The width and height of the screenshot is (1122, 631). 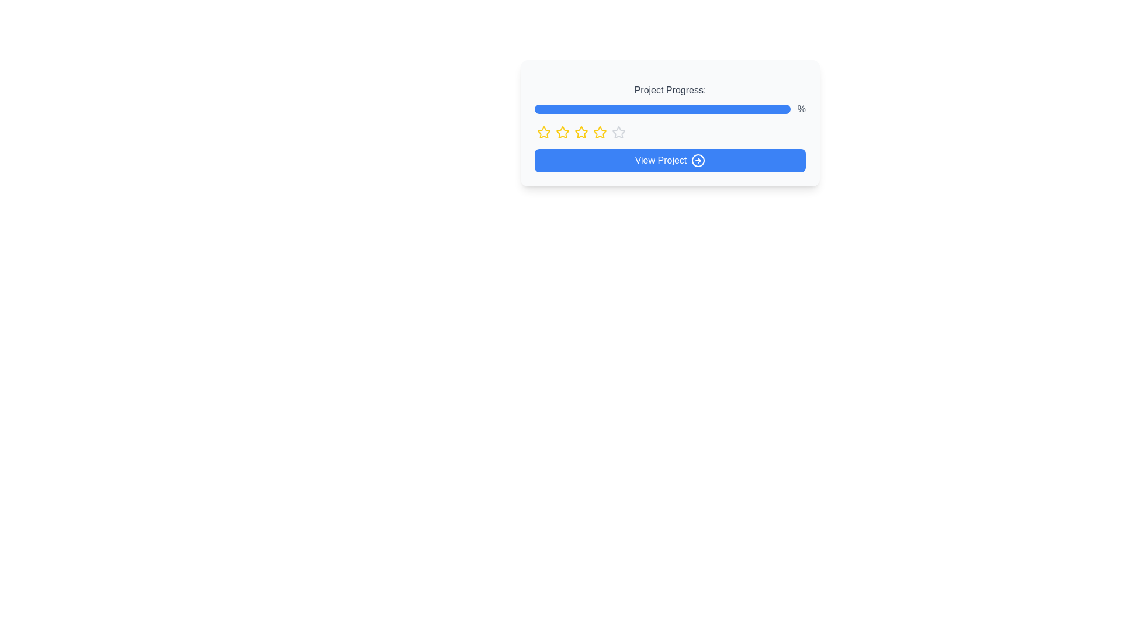 What do you see at coordinates (581, 132) in the screenshot?
I see `the third Interactive Star Icon to set or change the rating value, which is located below the 'Project Progress' bar and above the 'View Project' button` at bounding box center [581, 132].